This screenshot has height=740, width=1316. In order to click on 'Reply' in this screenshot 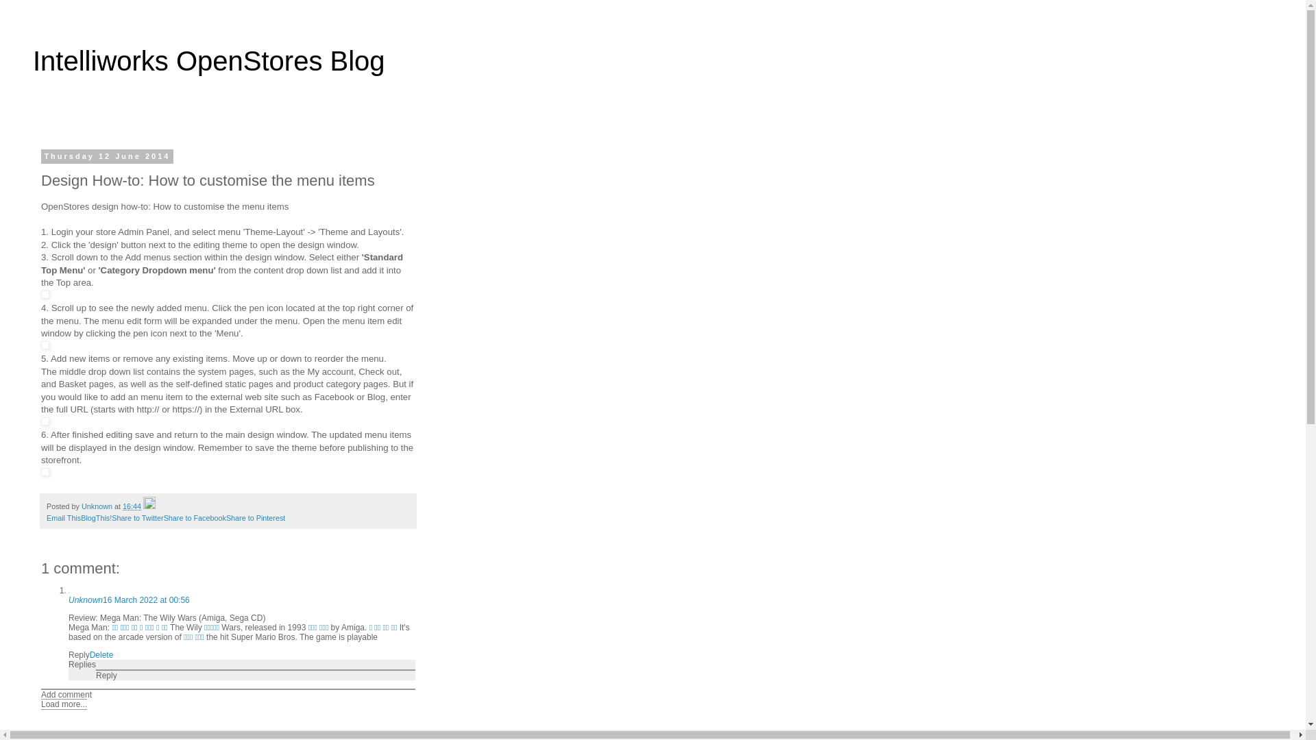, I will do `click(68, 654)`.